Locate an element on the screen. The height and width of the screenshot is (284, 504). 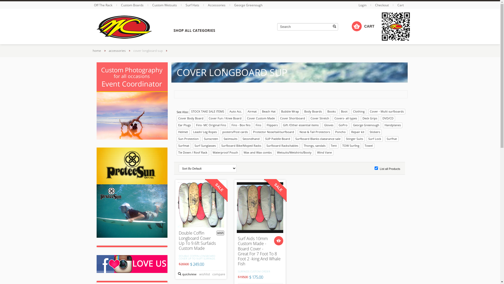
'Clothing' is located at coordinates (358, 111).